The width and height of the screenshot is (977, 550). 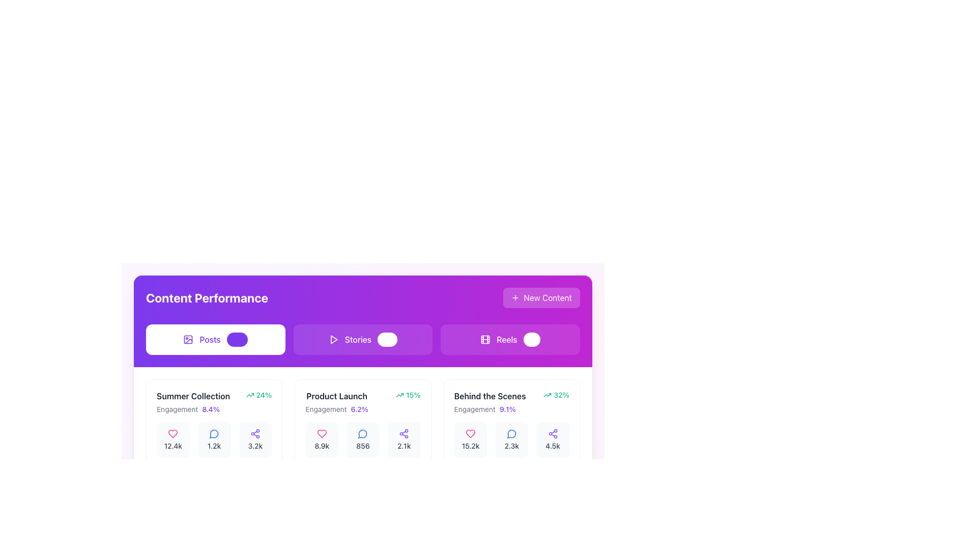 What do you see at coordinates (363, 439) in the screenshot?
I see `the numerical indicator display element that shows the count of comments or messages, which is located in the center of a horizontal triplet layout at the bottom section of the interface` at bounding box center [363, 439].